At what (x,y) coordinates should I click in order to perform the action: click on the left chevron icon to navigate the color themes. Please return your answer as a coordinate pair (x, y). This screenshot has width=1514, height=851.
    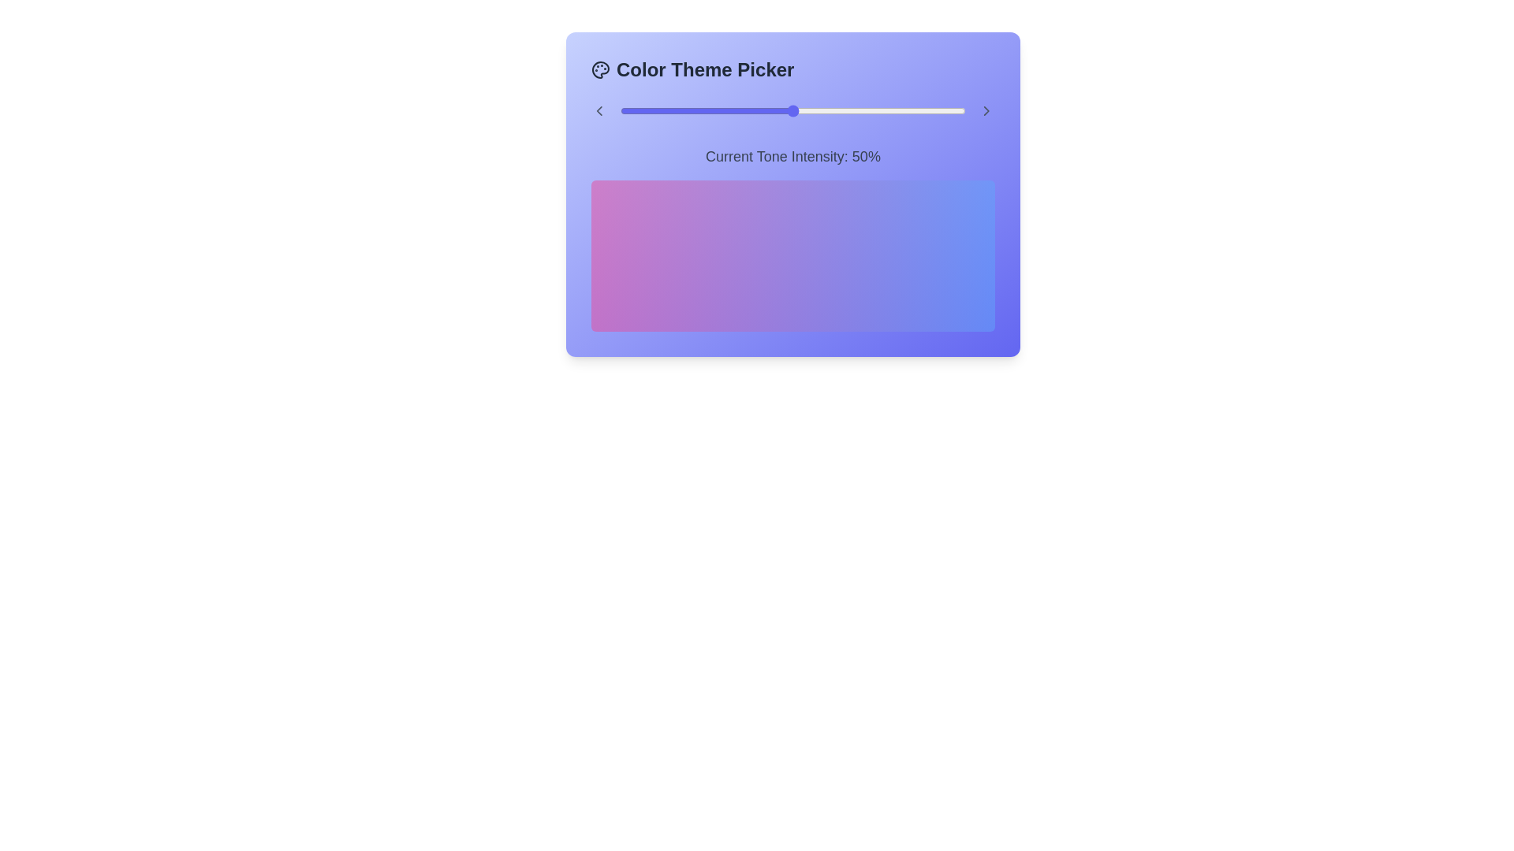
    Looking at the image, I should click on (598, 110).